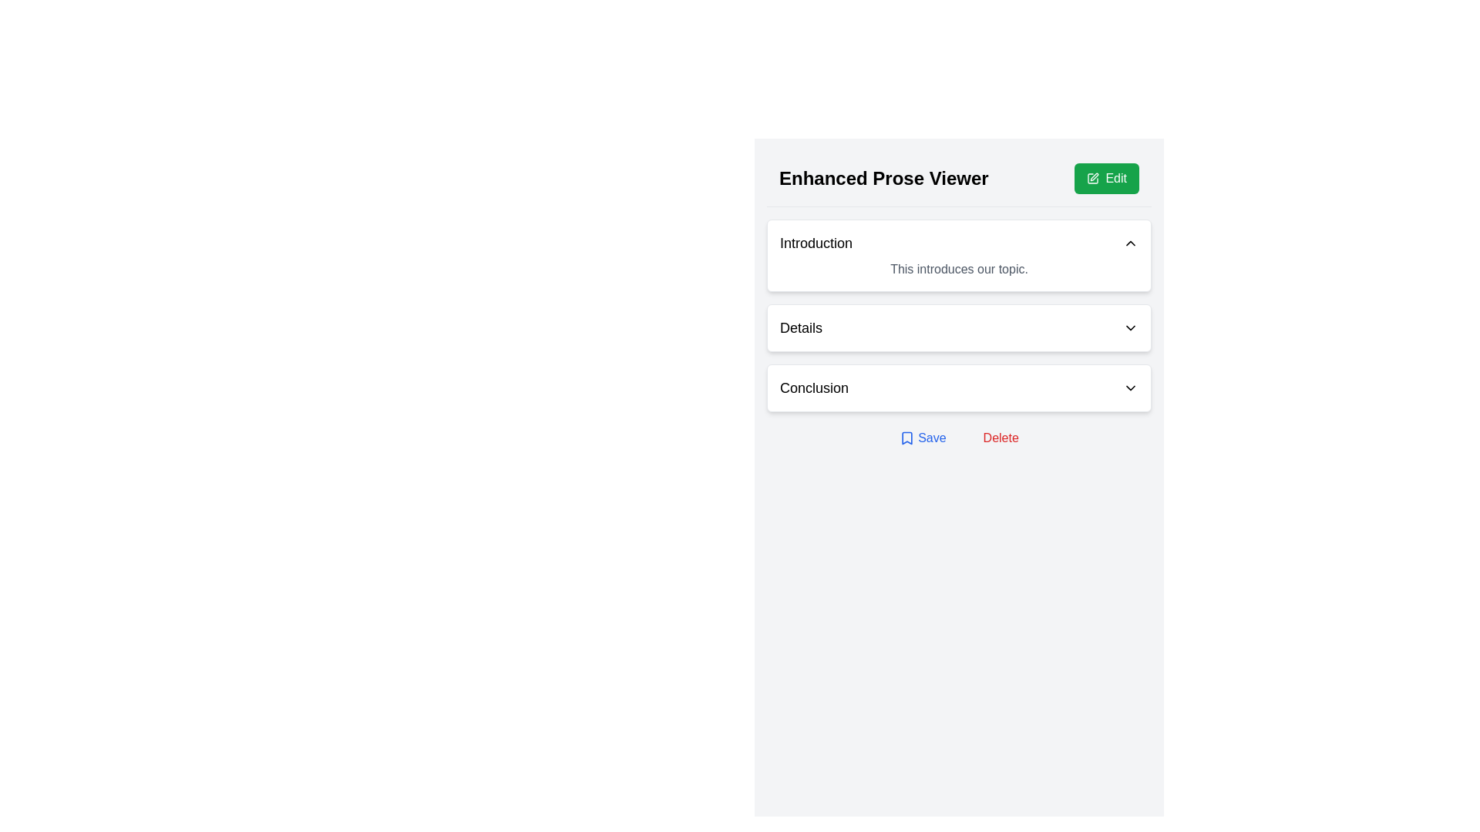 The width and height of the screenshot is (1480, 832). Describe the element at coordinates (1094, 176) in the screenshot. I see `the small vector graphic icon representing a pen and rectangle, located in the top-right header area, next to the green 'Edit' button` at that location.